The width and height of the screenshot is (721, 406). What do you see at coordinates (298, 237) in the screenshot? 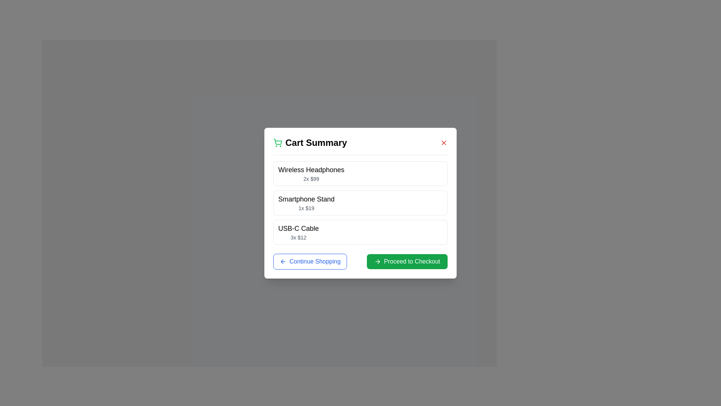
I see `text displayed in the Text Display element that shows '3x $12', located beneath the 'USB-C Cable' title in the cart summary box` at bounding box center [298, 237].